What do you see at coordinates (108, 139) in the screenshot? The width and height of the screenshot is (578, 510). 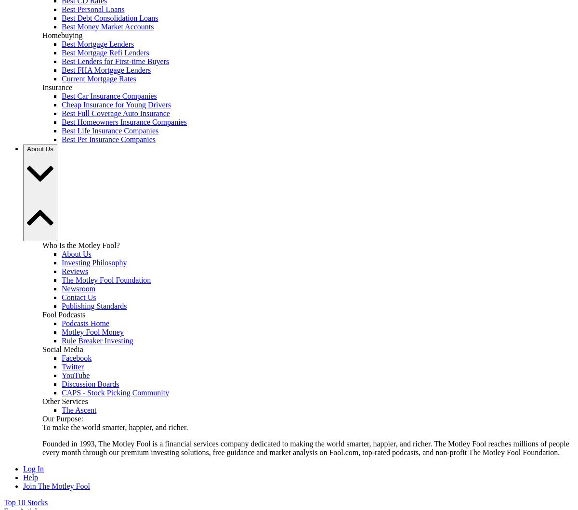 I see `'Best Pet Insurance Companies'` at bounding box center [108, 139].